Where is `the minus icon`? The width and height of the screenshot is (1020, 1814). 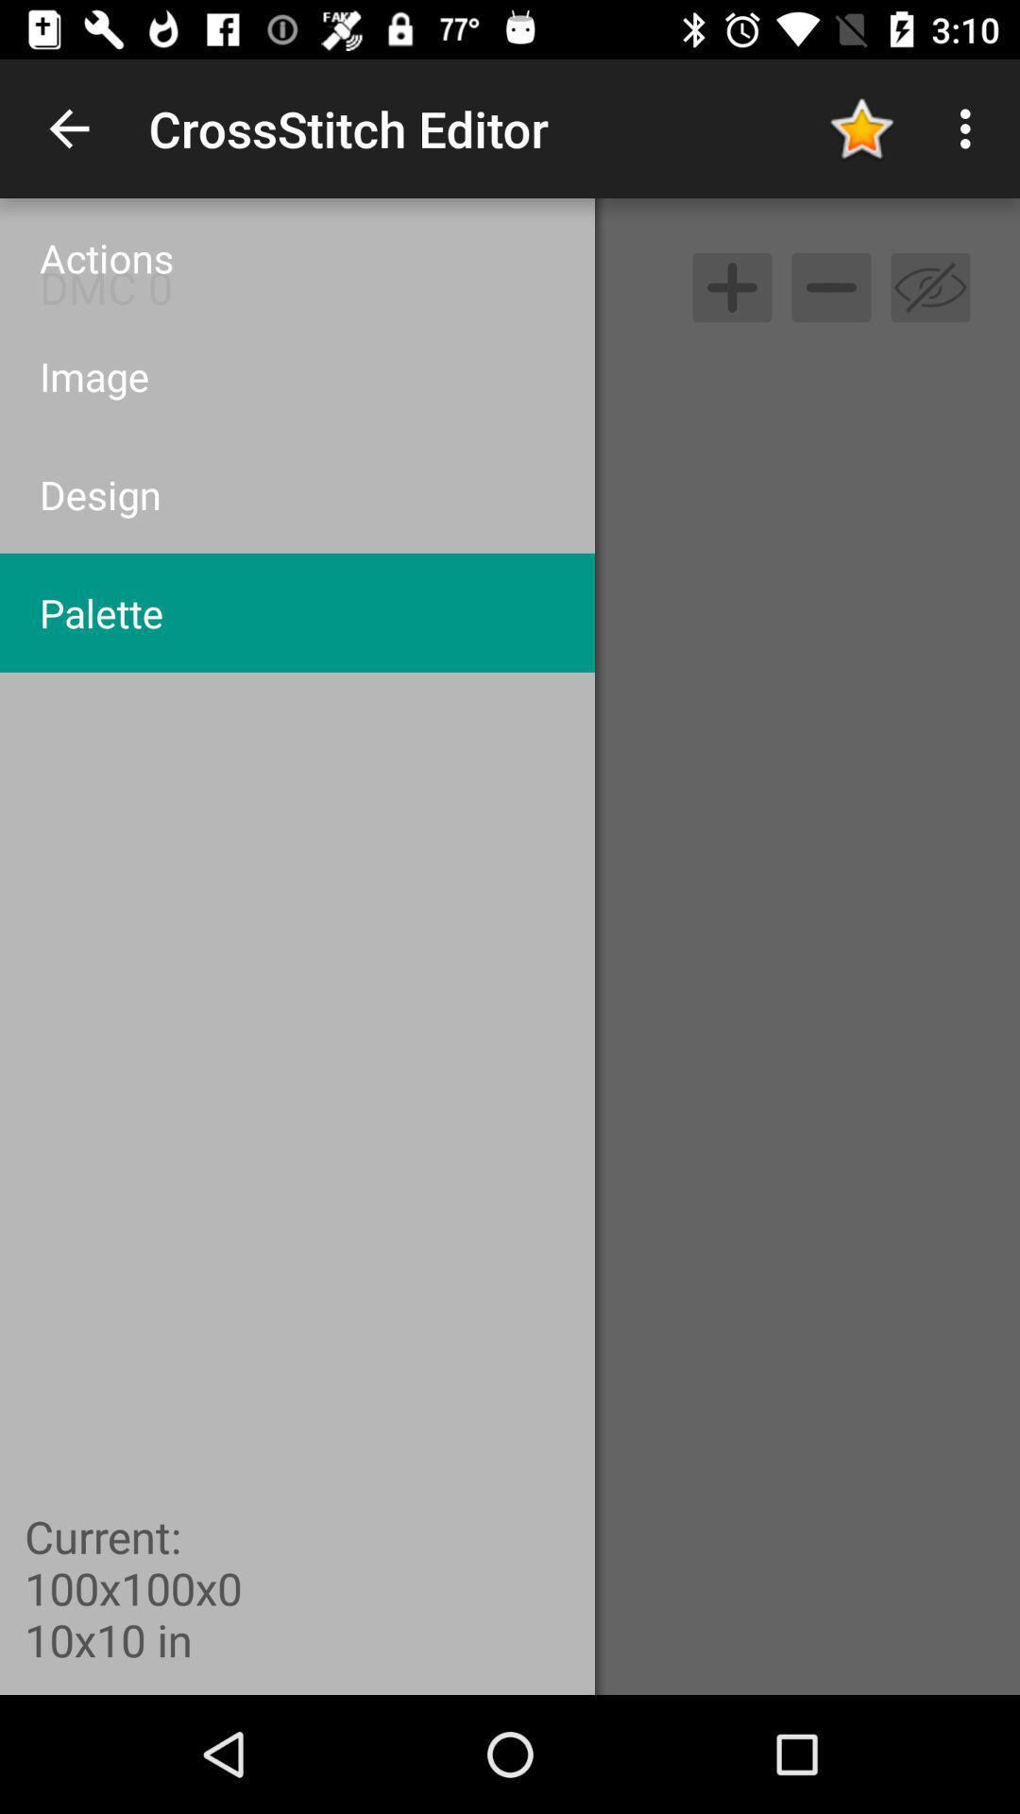 the minus icon is located at coordinates (830, 286).